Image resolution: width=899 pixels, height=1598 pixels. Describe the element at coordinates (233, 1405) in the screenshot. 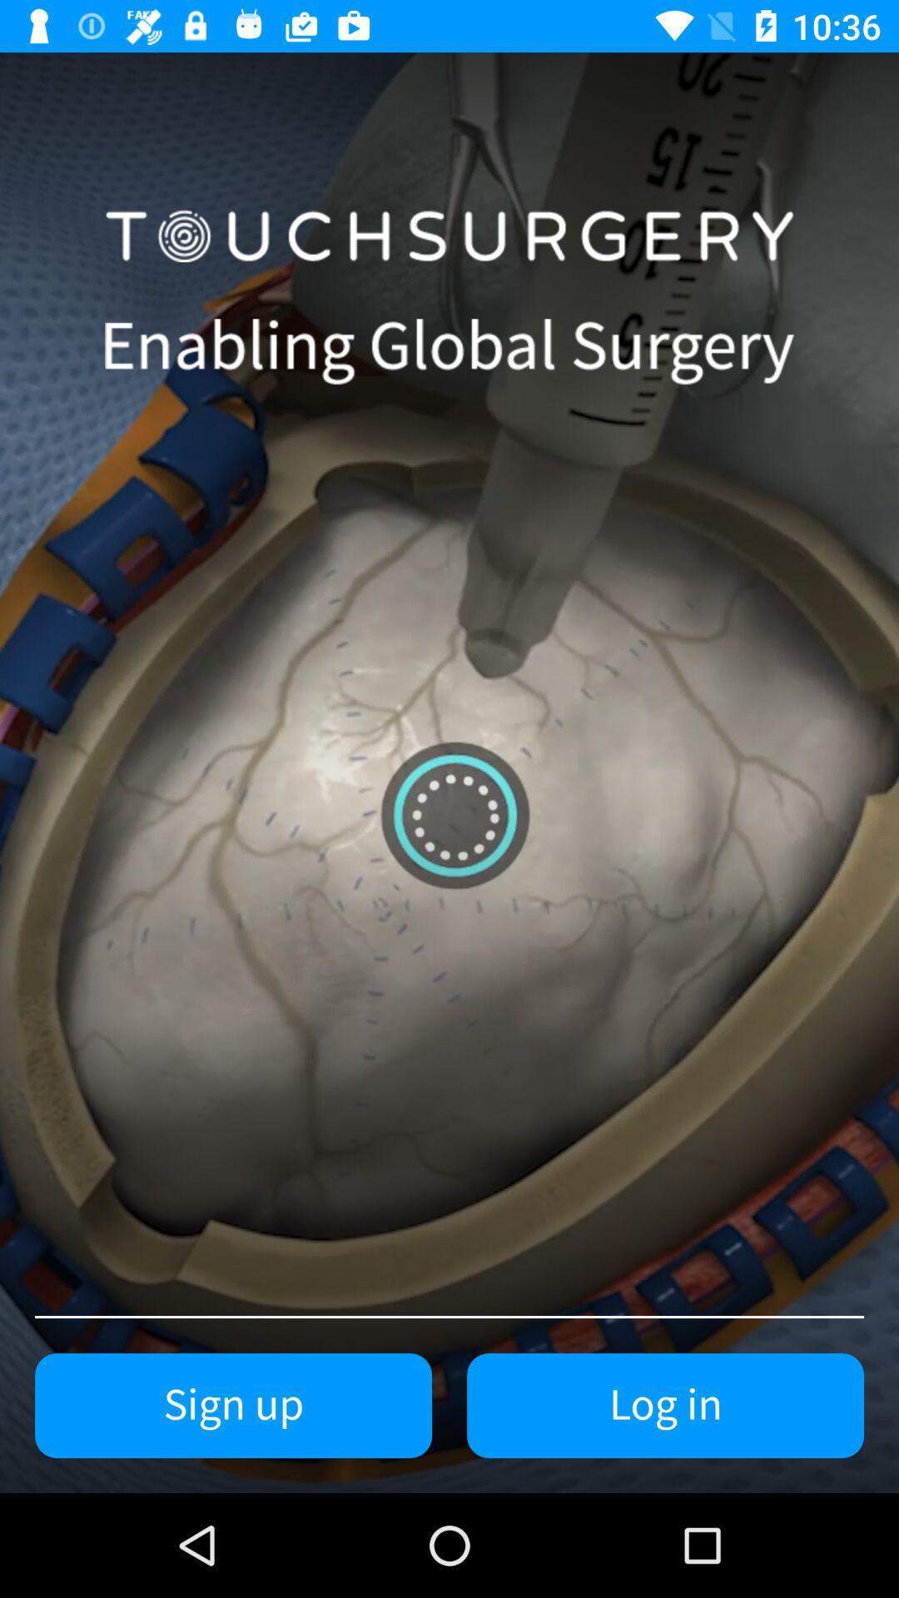

I see `sign up icon` at that location.